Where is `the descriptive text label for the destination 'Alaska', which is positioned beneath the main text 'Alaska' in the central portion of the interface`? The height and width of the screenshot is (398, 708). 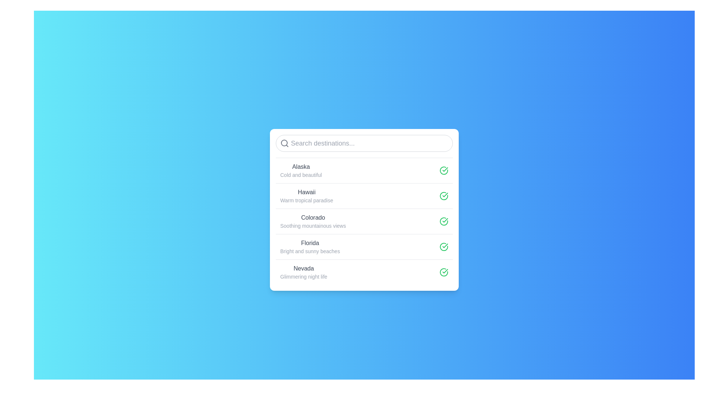 the descriptive text label for the destination 'Alaska', which is positioned beneath the main text 'Alaska' in the central portion of the interface is located at coordinates (301, 175).